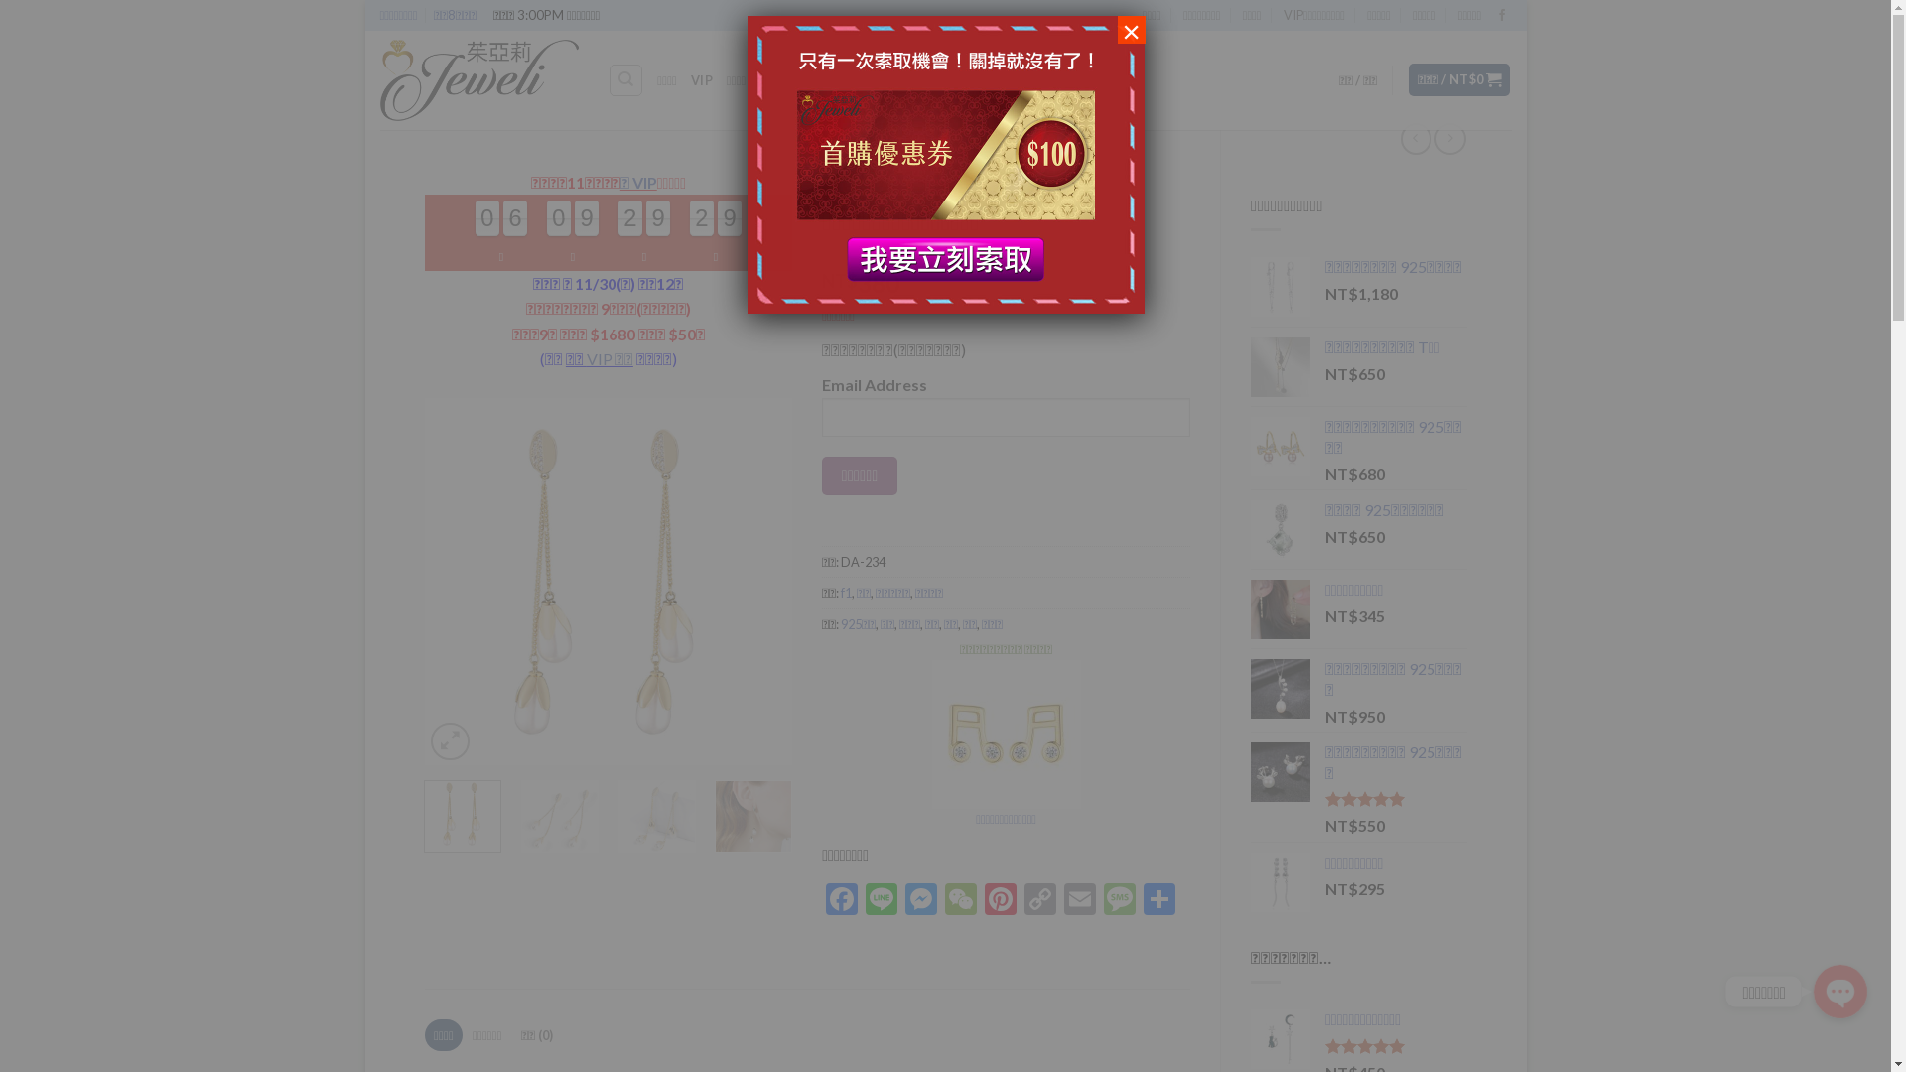  I want to click on 'Copy Link', so click(1038, 900).